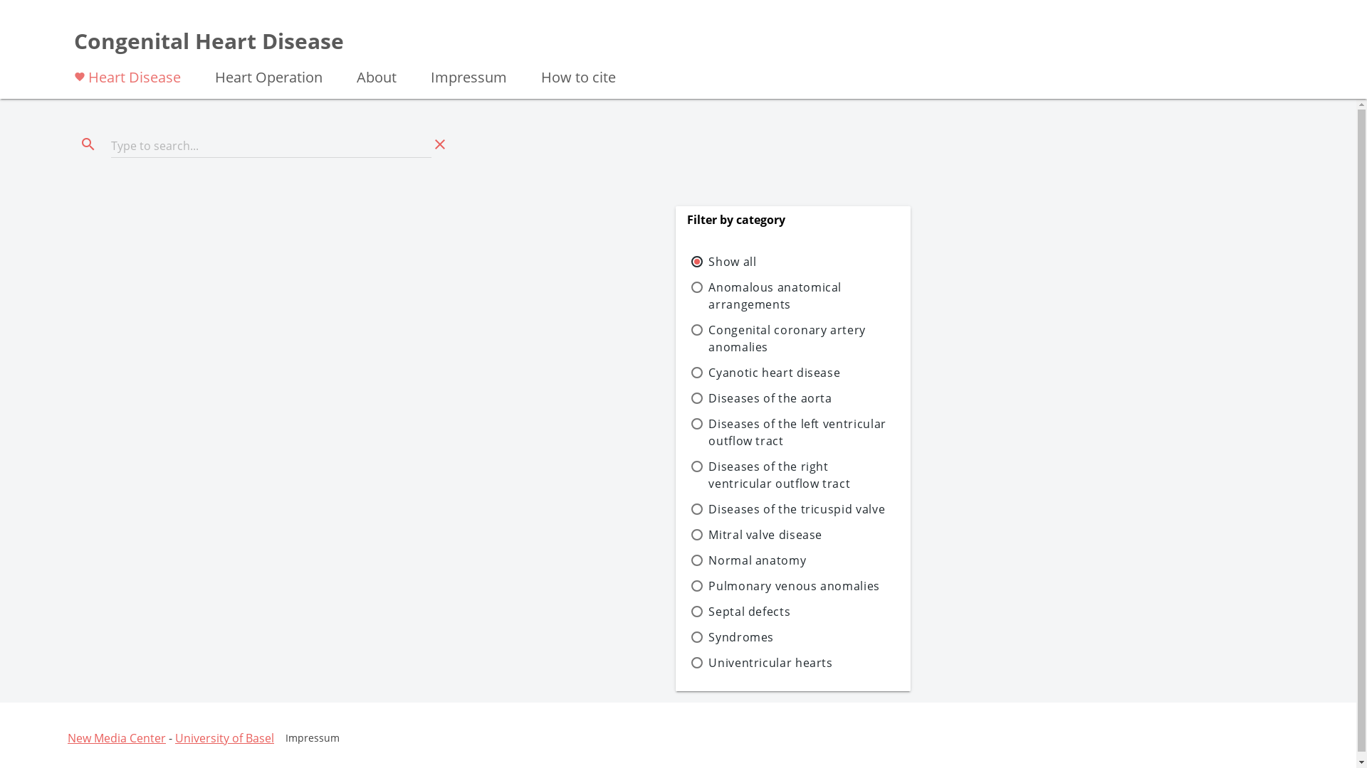 The width and height of the screenshot is (1367, 768). Describe the element at coordinates (116, 737) in the screenshot. I see `'New Media Center'` at that location.